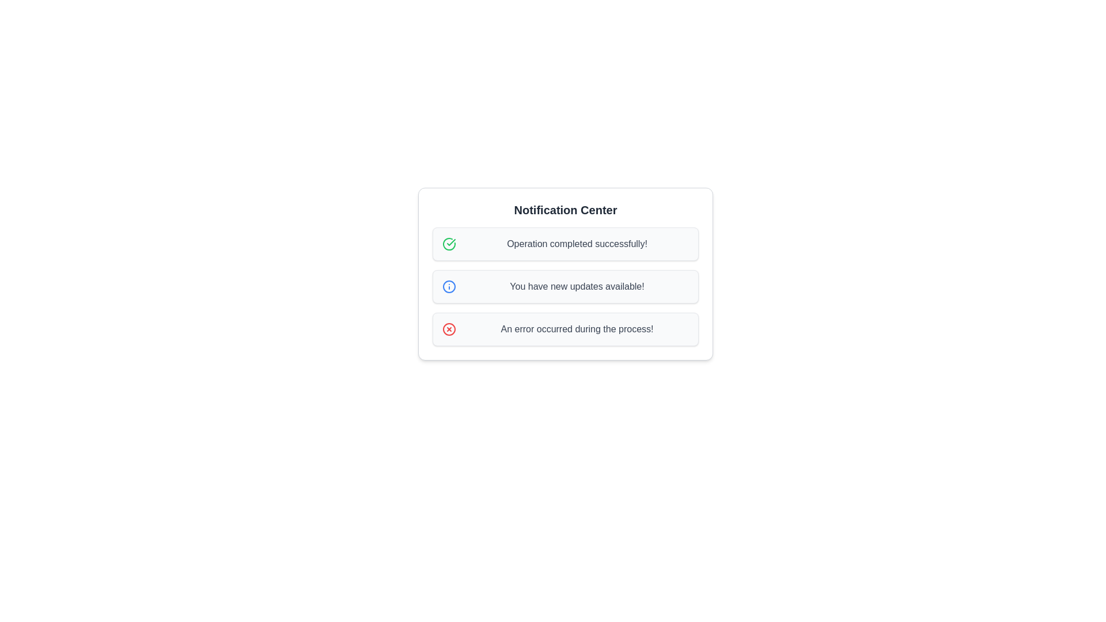 This screenshot has width=1106, height=622. What do you see at coordinates (448, 244) in the screenshot?
I see `the success indicator icon that visually represents the completion of an operation, located to the left of the 'Operation completed successfully!' text in the first notification of the list` at bounding box center [448, 244].